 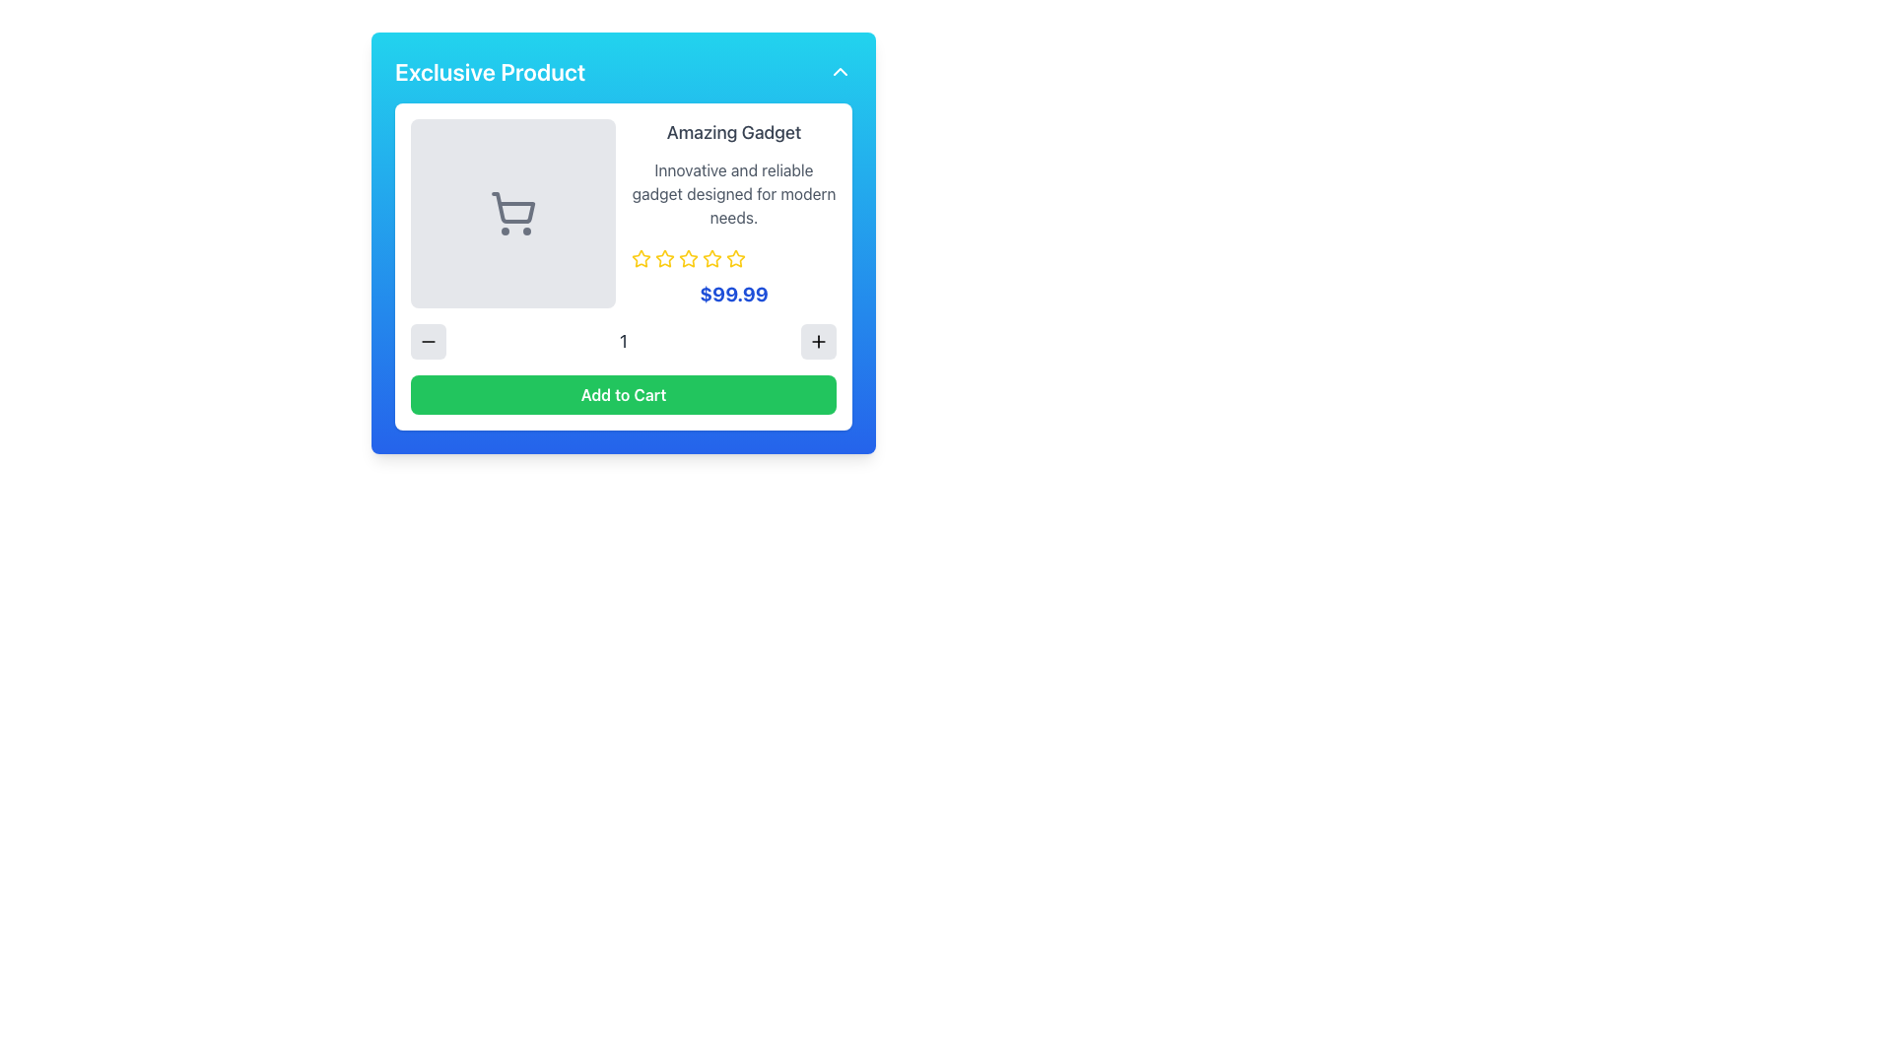 What do you see at coordinates (642, 257) in the screenshot?
I see `the first star icon in the rating bar, which is filled with yellow and has a distinctive outline, located in the middle right panel adjacent to the product title and description` at bounding box center [642, 257].